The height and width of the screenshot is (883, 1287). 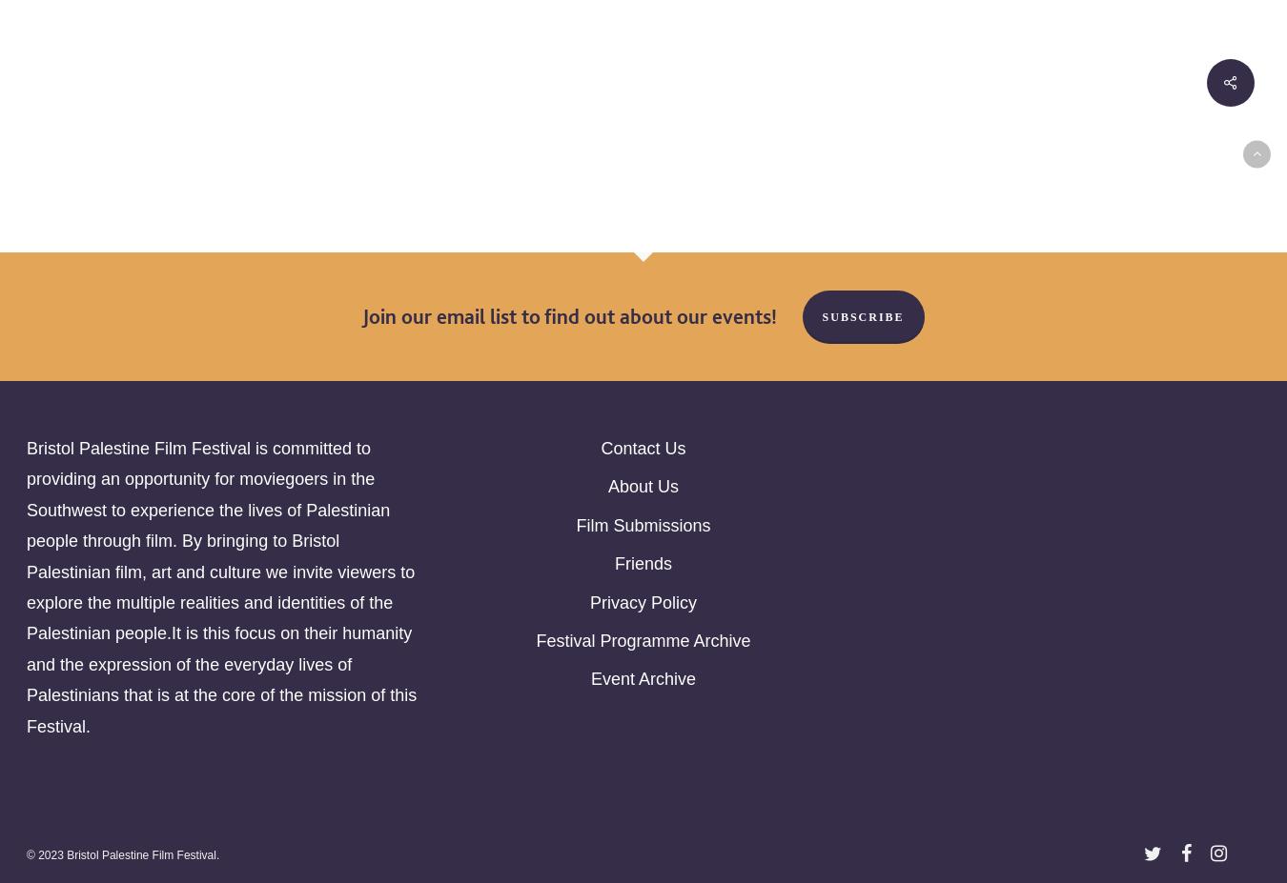 What do you see at coordinates (643, 525) in the screenshot?
I see `'Film Submissions'` at bounding box center [643, 525].